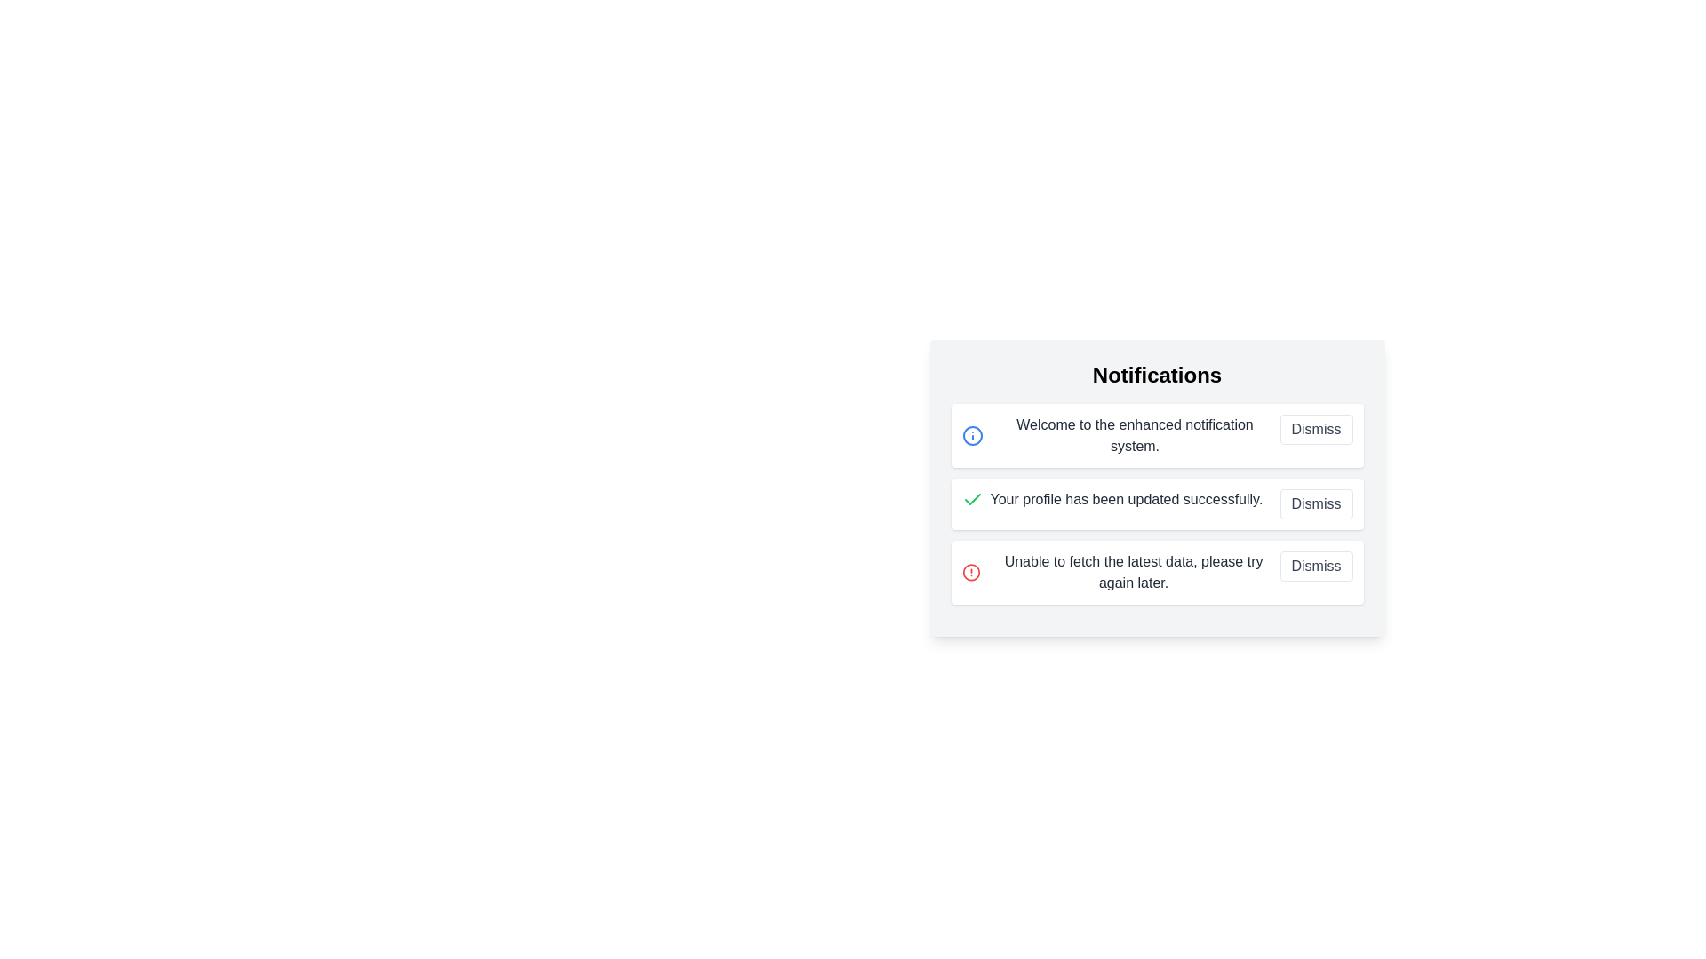  I want to click on the 'Dismiss' button located in the bottom-right corner of the notification box that displays the message 'Unable to fetch the latest data, please try again later.', so click(1316, 566).